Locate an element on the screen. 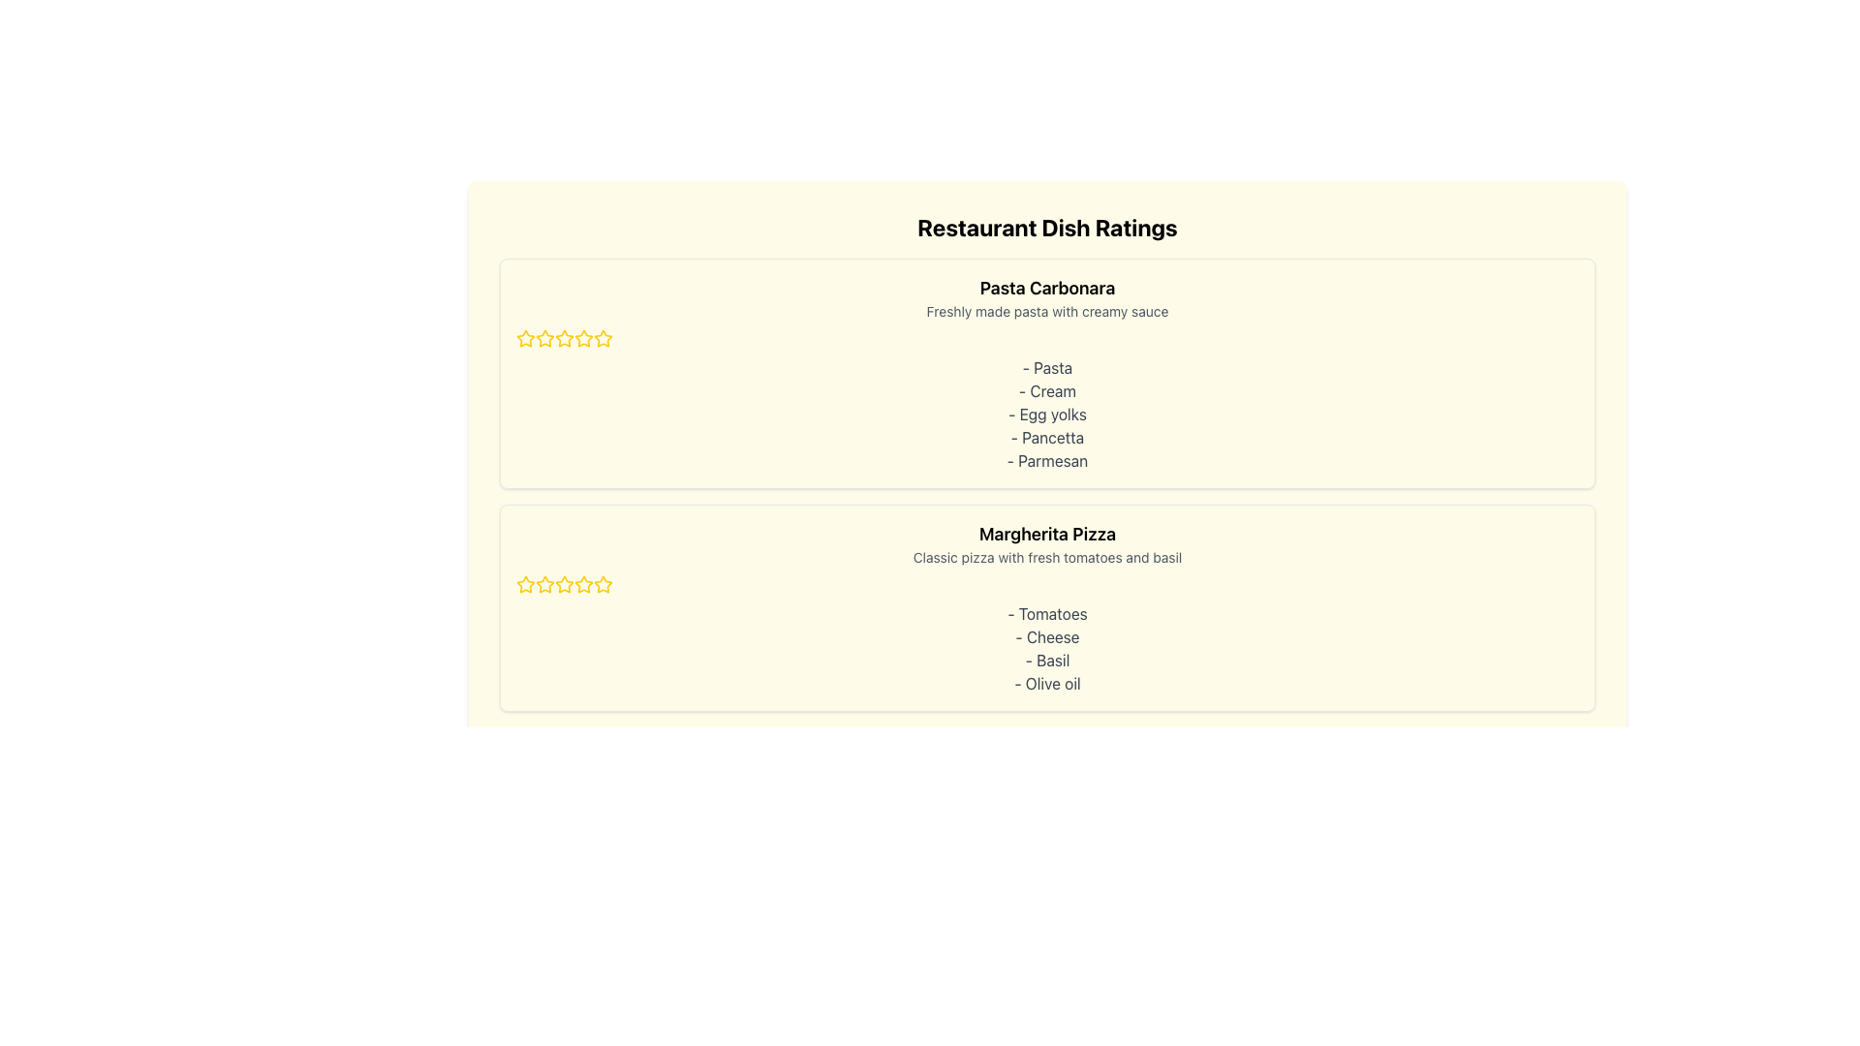  the first star icon with a yellow outline under the 'Margherita Pizza' section is located at coordinates (525, 583).